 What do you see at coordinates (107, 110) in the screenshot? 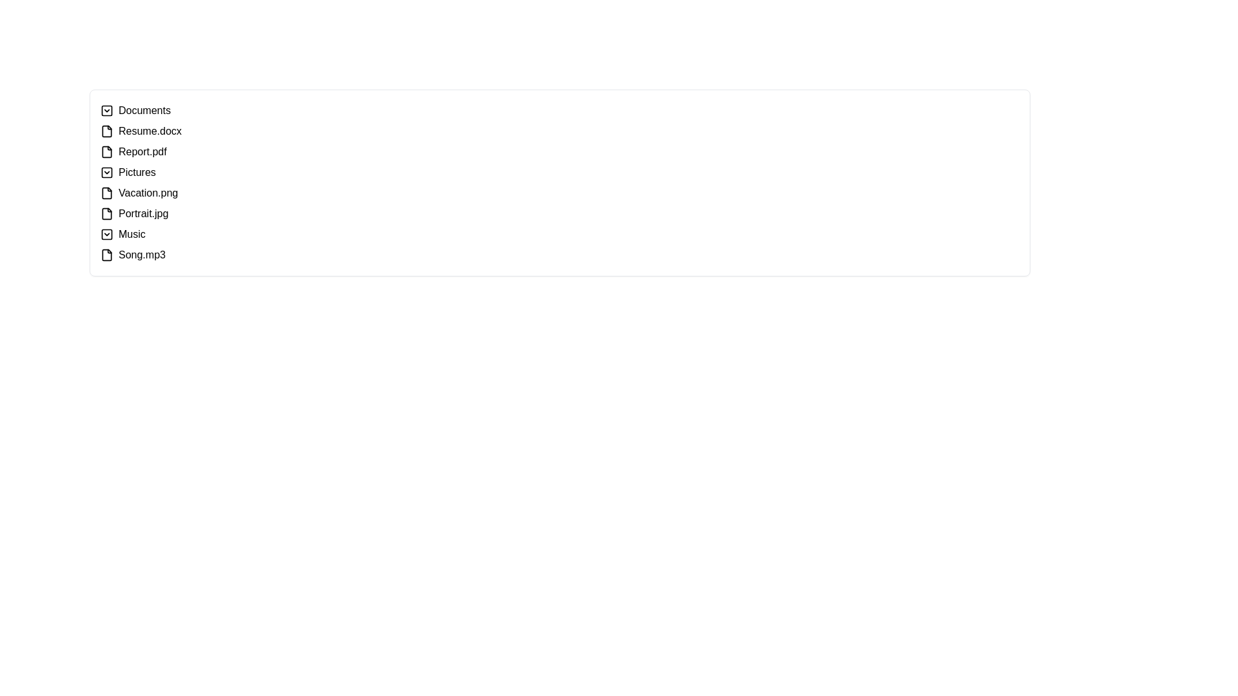
I see `the toggle icon located to the left of the 'Documents' label` at bounding box center [107, 110].